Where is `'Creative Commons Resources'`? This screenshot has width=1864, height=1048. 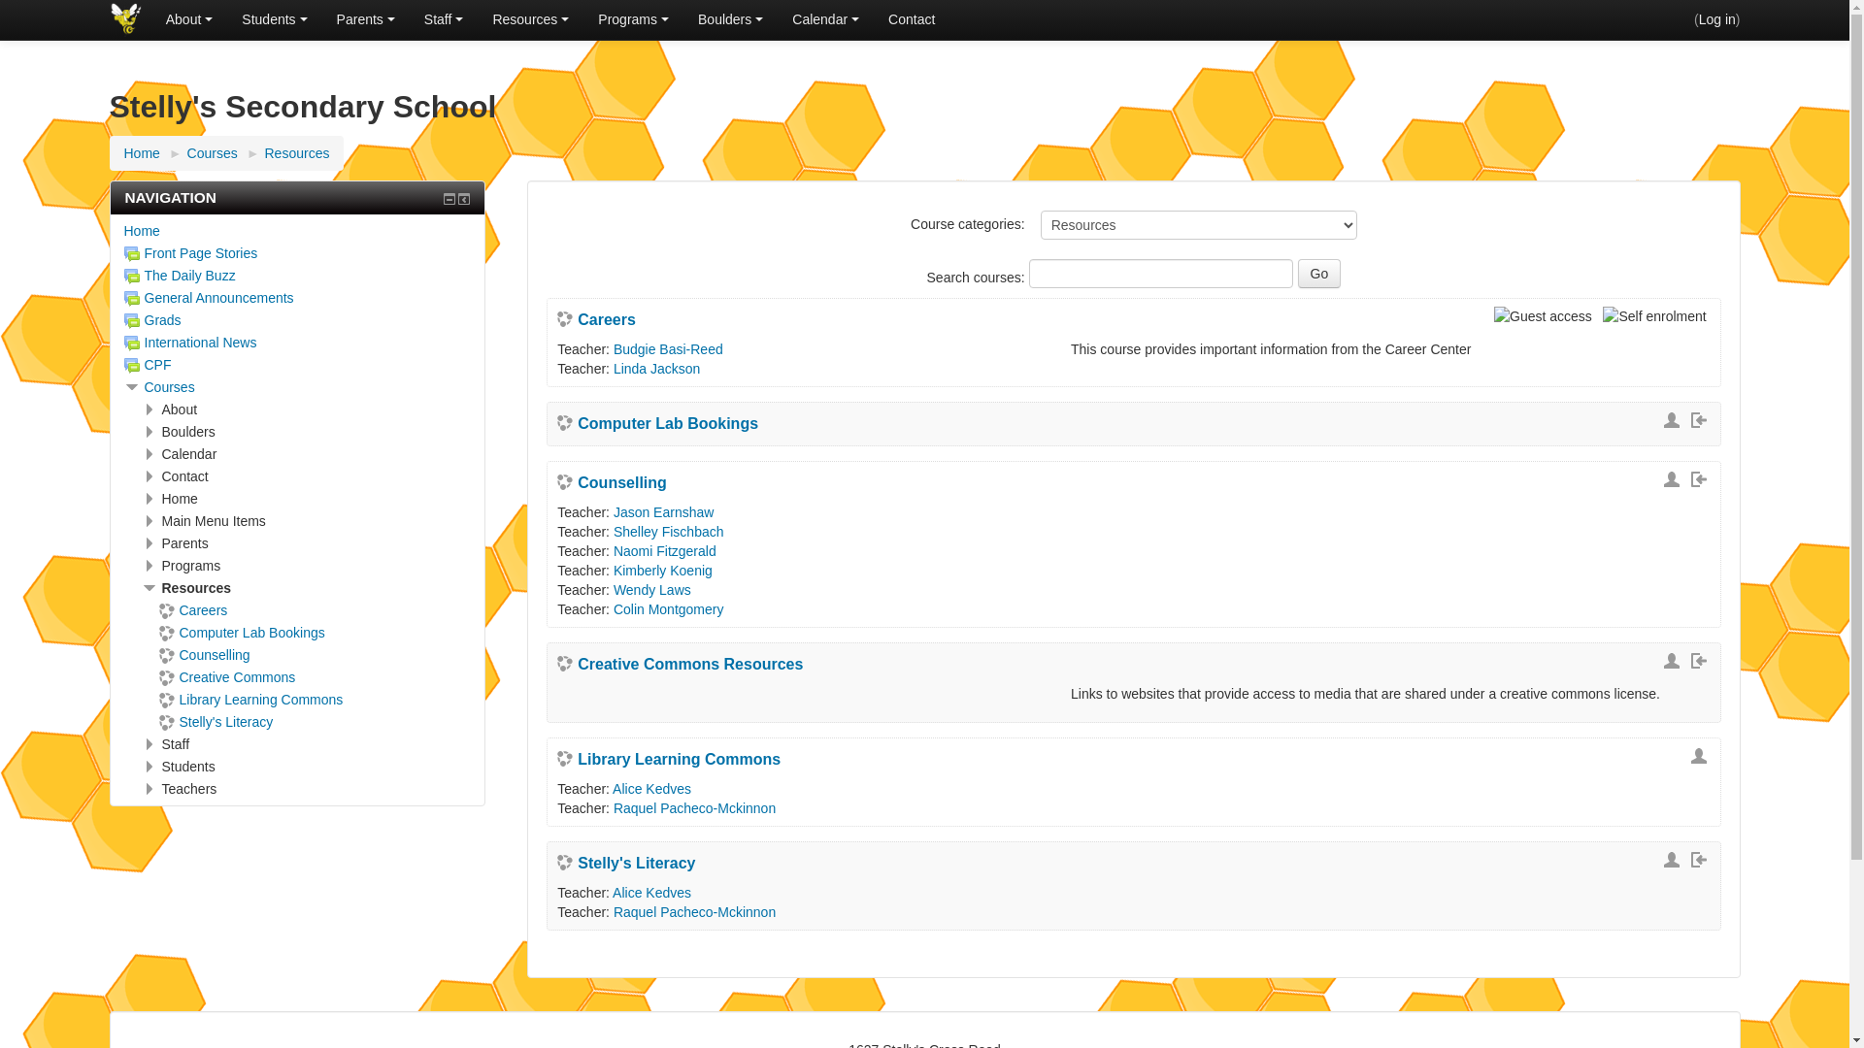 'Creative Commons Resources' is located at coordinates (680, 664).